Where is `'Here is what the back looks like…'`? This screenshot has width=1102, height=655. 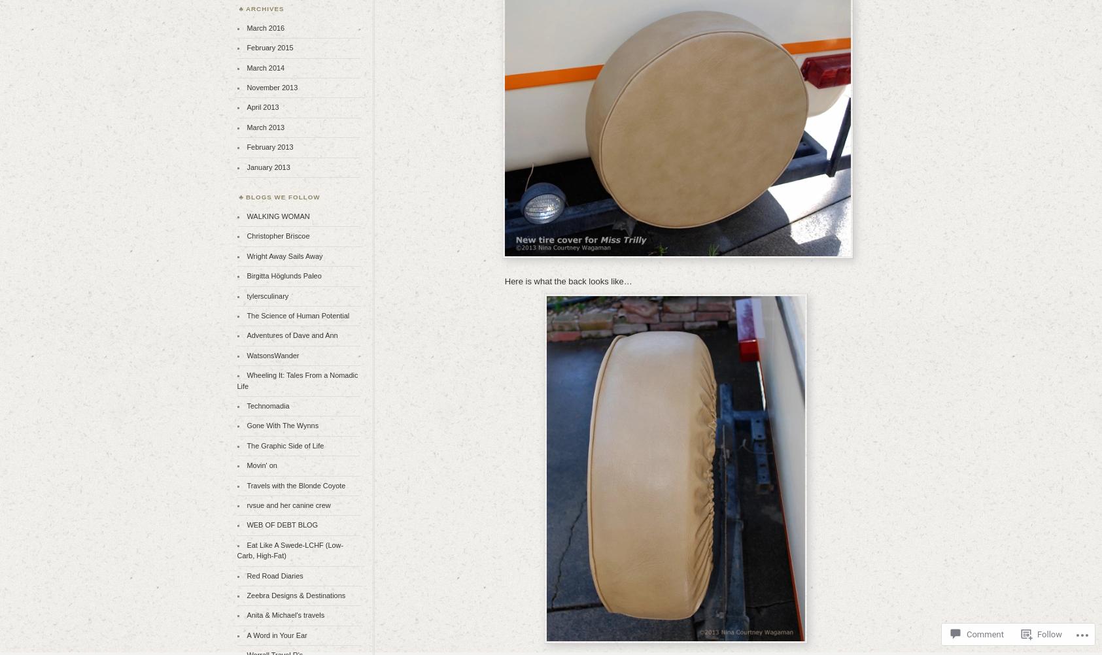 'Here is what the back looks like…' is located at coordinates (568, 280).